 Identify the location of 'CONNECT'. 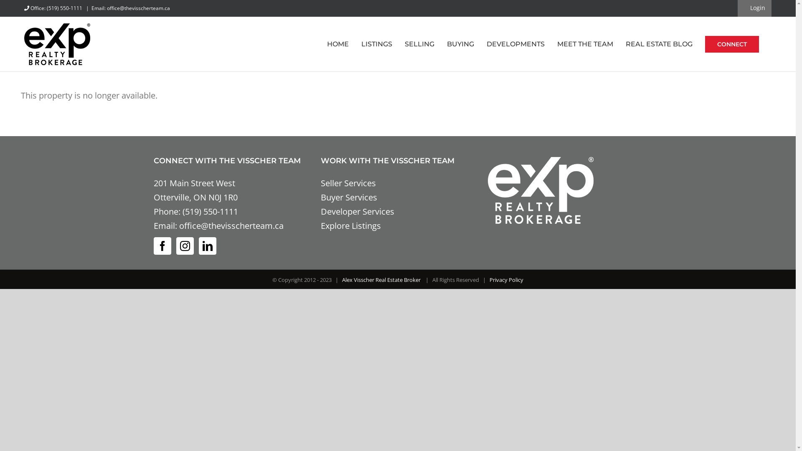
(731, 44).